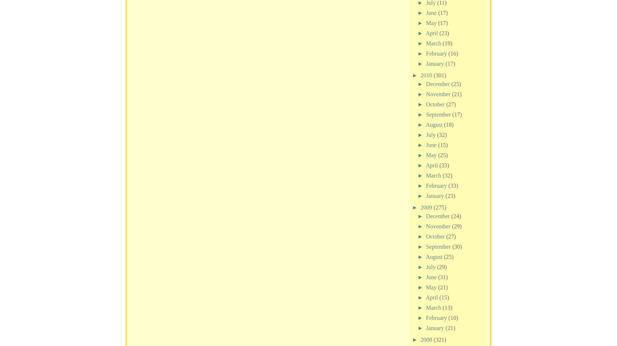  Describe the element at coordinates (447, 307) in the screenshot. I see `'(13)'` at that location.